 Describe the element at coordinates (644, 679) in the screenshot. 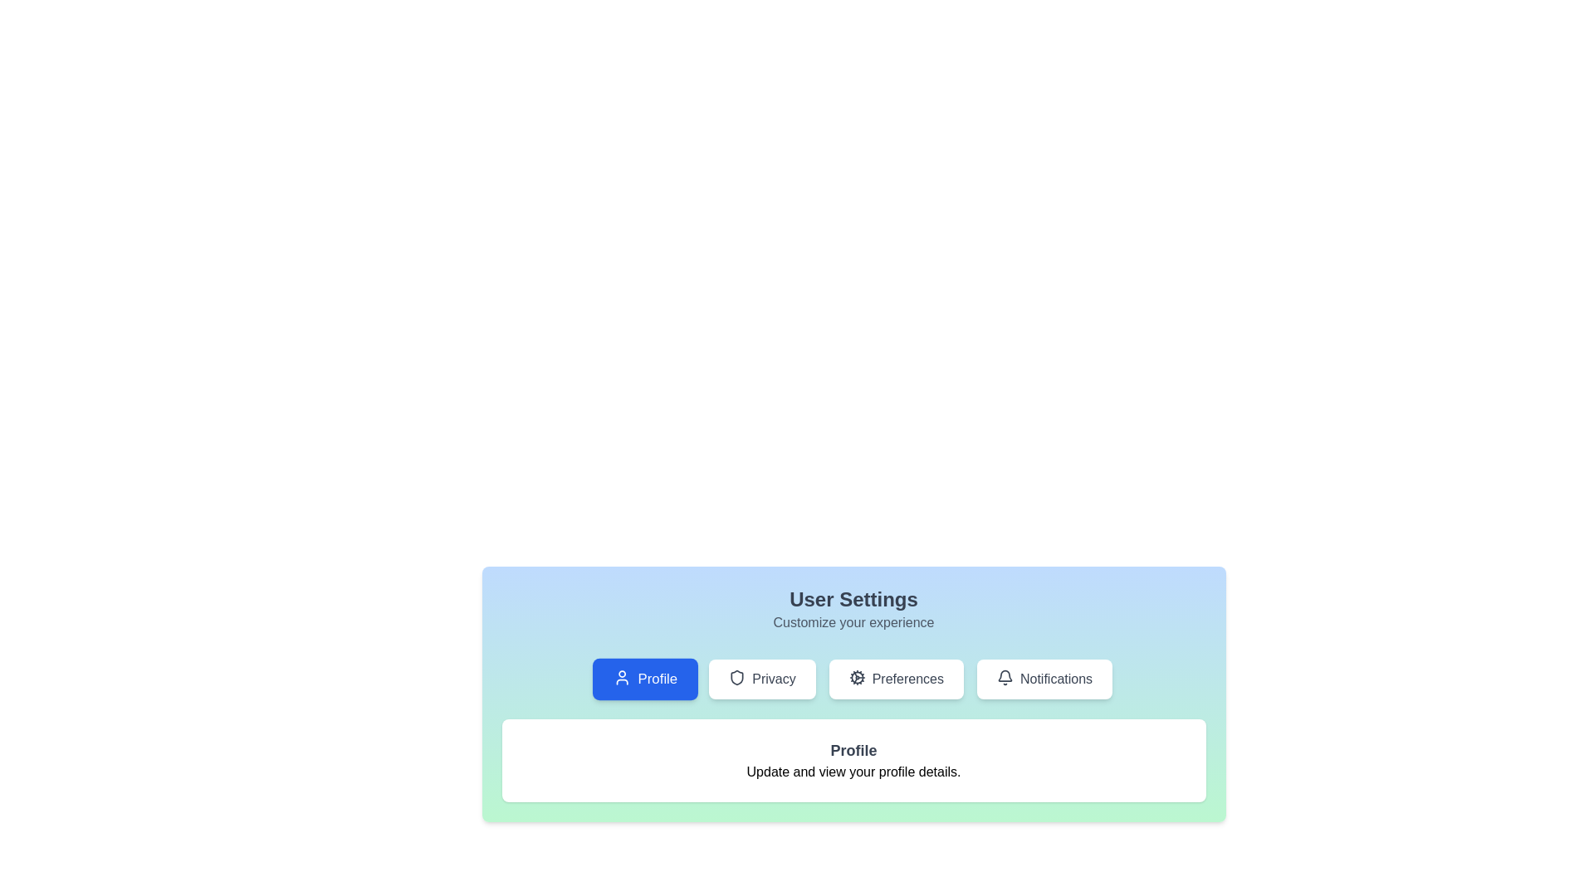

I see `the Profile tab to view its content` at that location.